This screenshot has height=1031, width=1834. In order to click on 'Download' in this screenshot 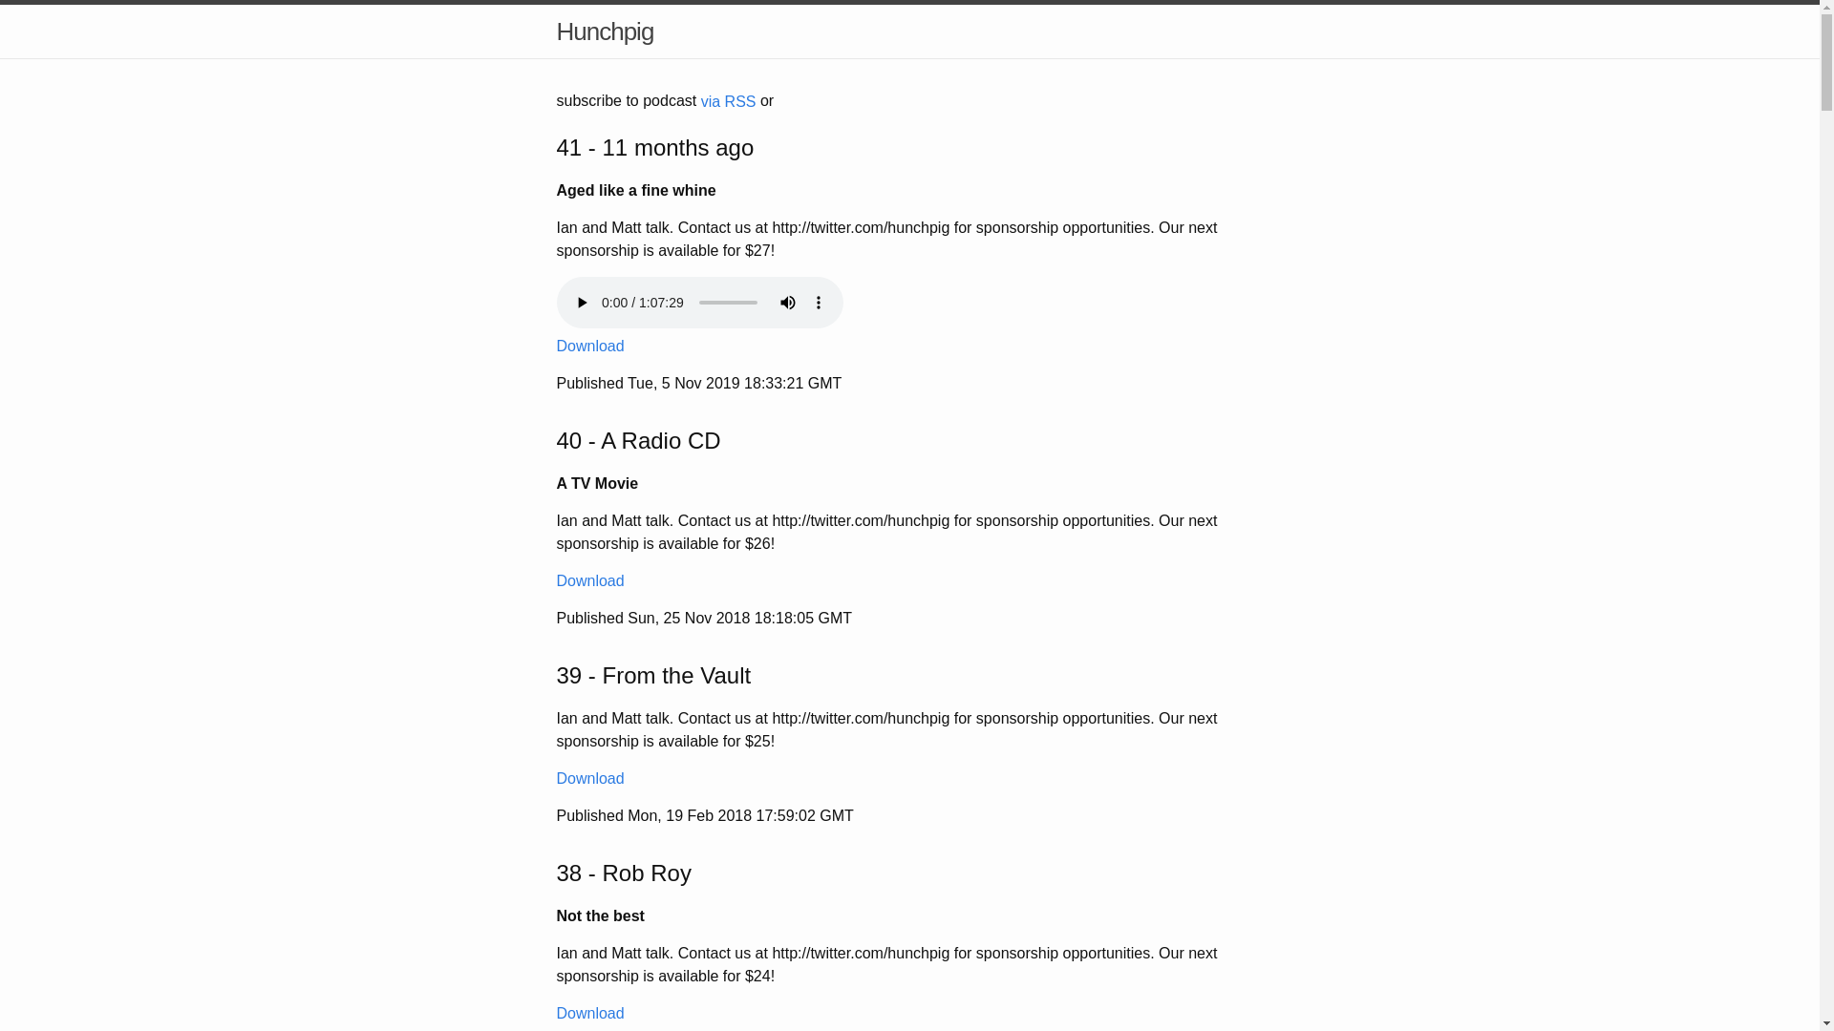, I will do `click(588, 346)`.